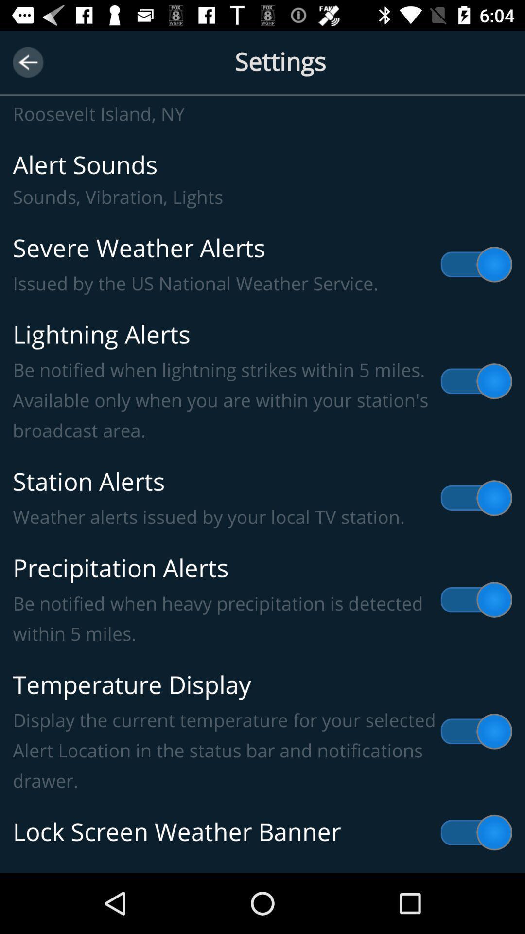 This screenshot has width=525, height=934. Describe the element at coordinates (27, 62) in the screenshot. I see `icon to the left of the settings` at that location.